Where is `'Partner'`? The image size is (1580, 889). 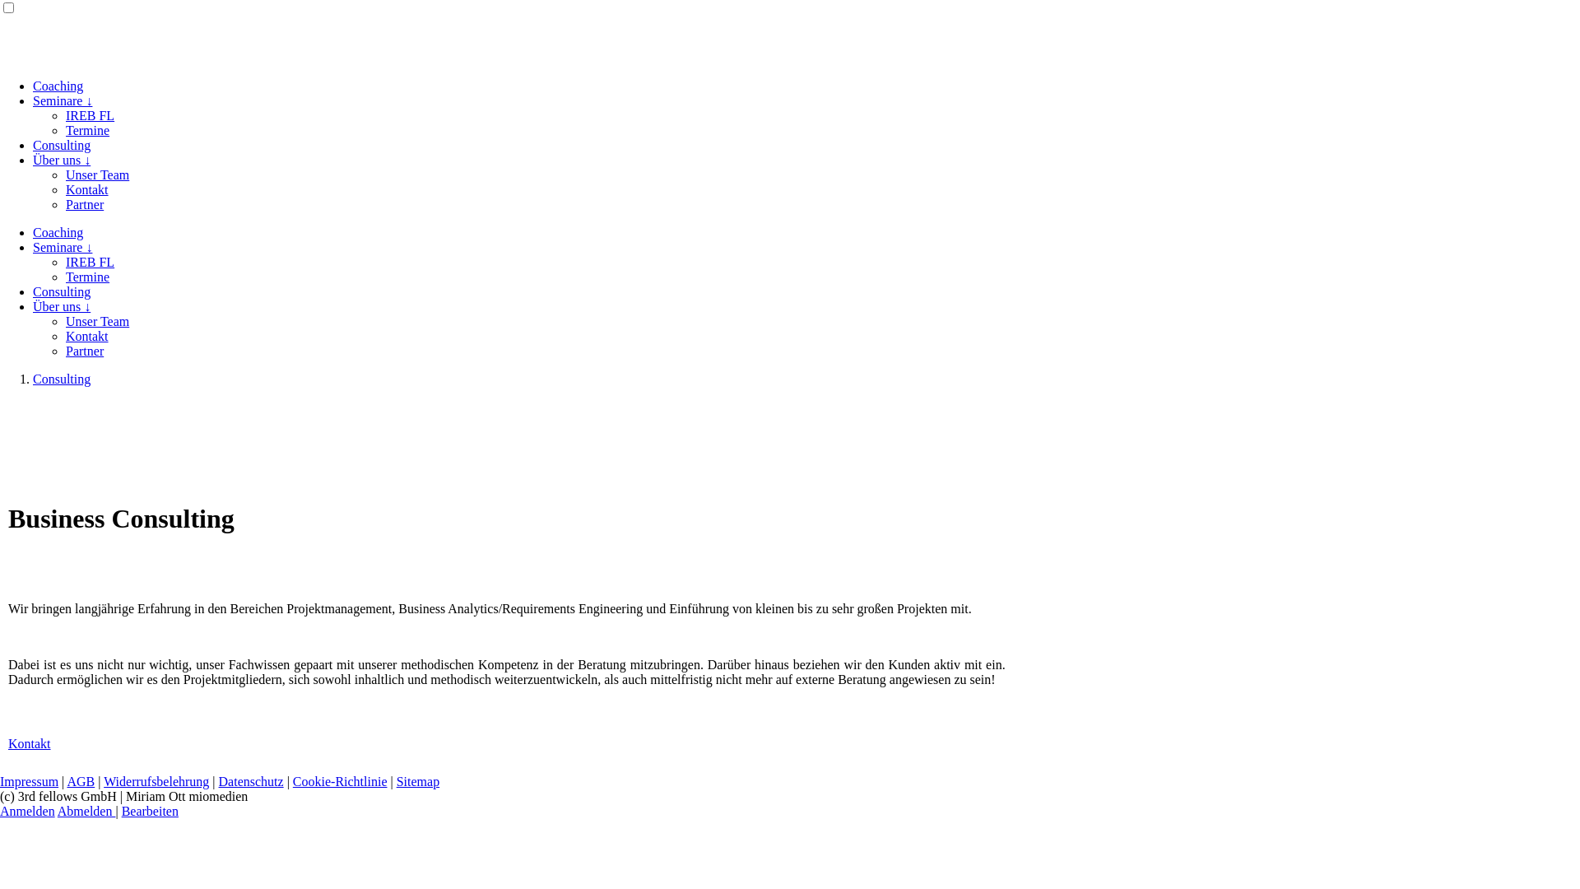
'Partner' is located at coordinates (83, 203).